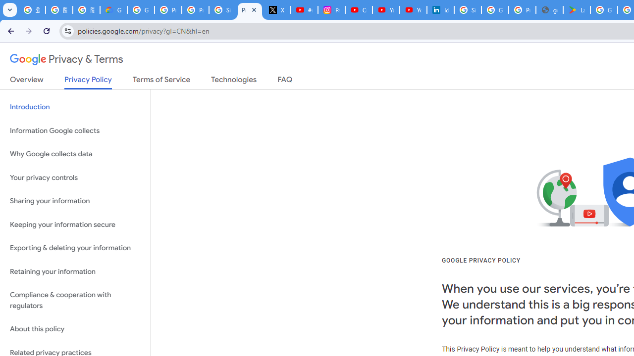 This screenshot has width=634, height=356. What do you see at coordinates (277, 10) in the screenshot?
I see `'X'` at bounding box center [277, 10].